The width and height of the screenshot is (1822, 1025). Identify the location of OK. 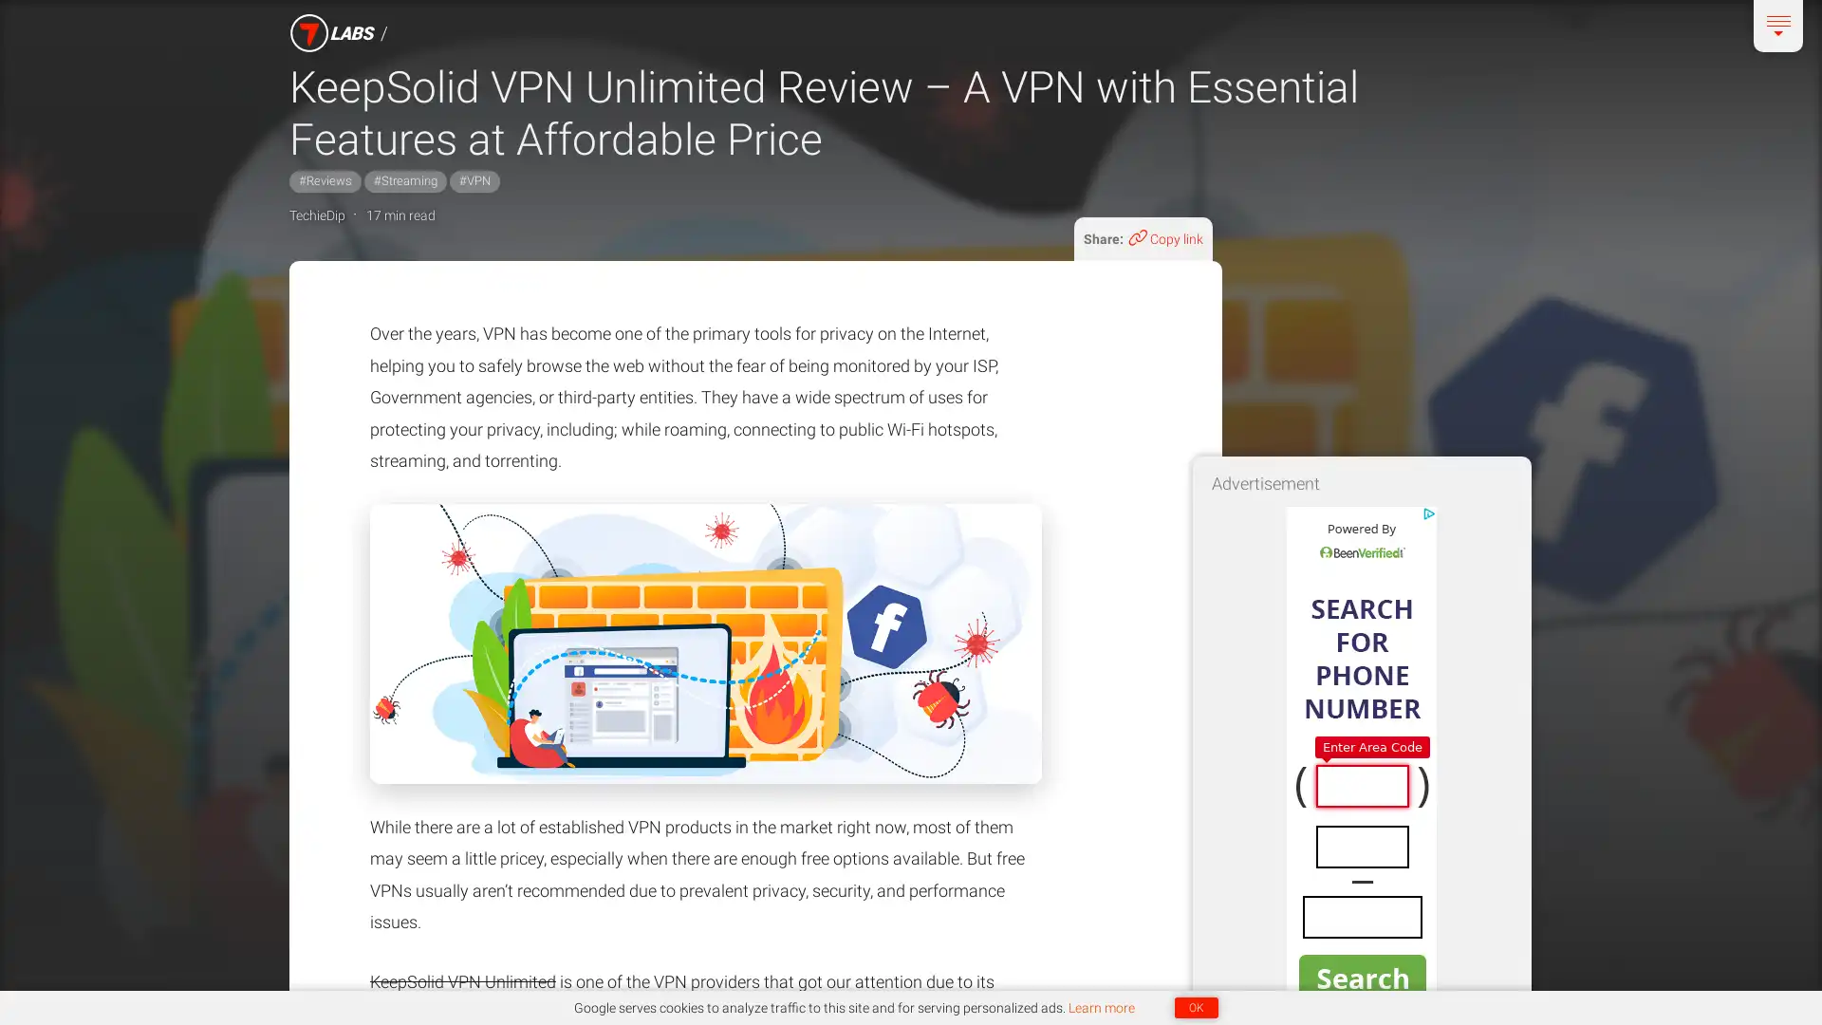
(1194, 1006).